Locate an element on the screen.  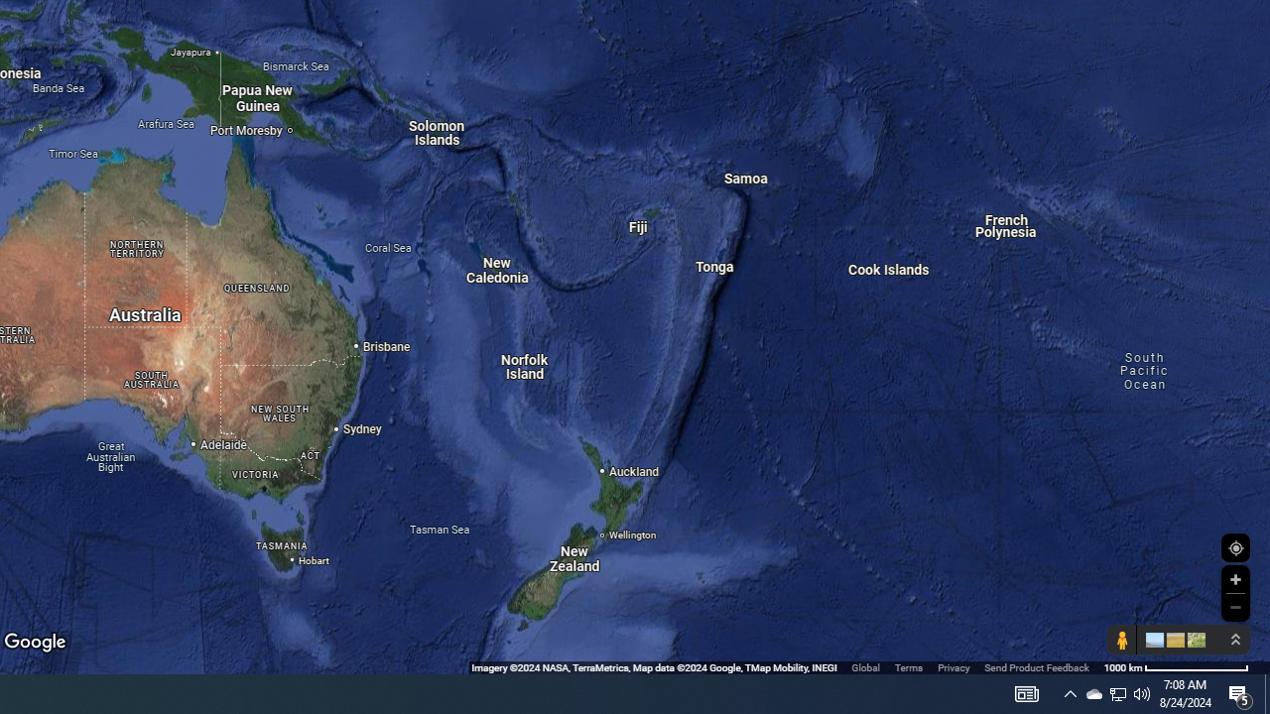
'Show imagery' is located at coordinates (1193, 640).